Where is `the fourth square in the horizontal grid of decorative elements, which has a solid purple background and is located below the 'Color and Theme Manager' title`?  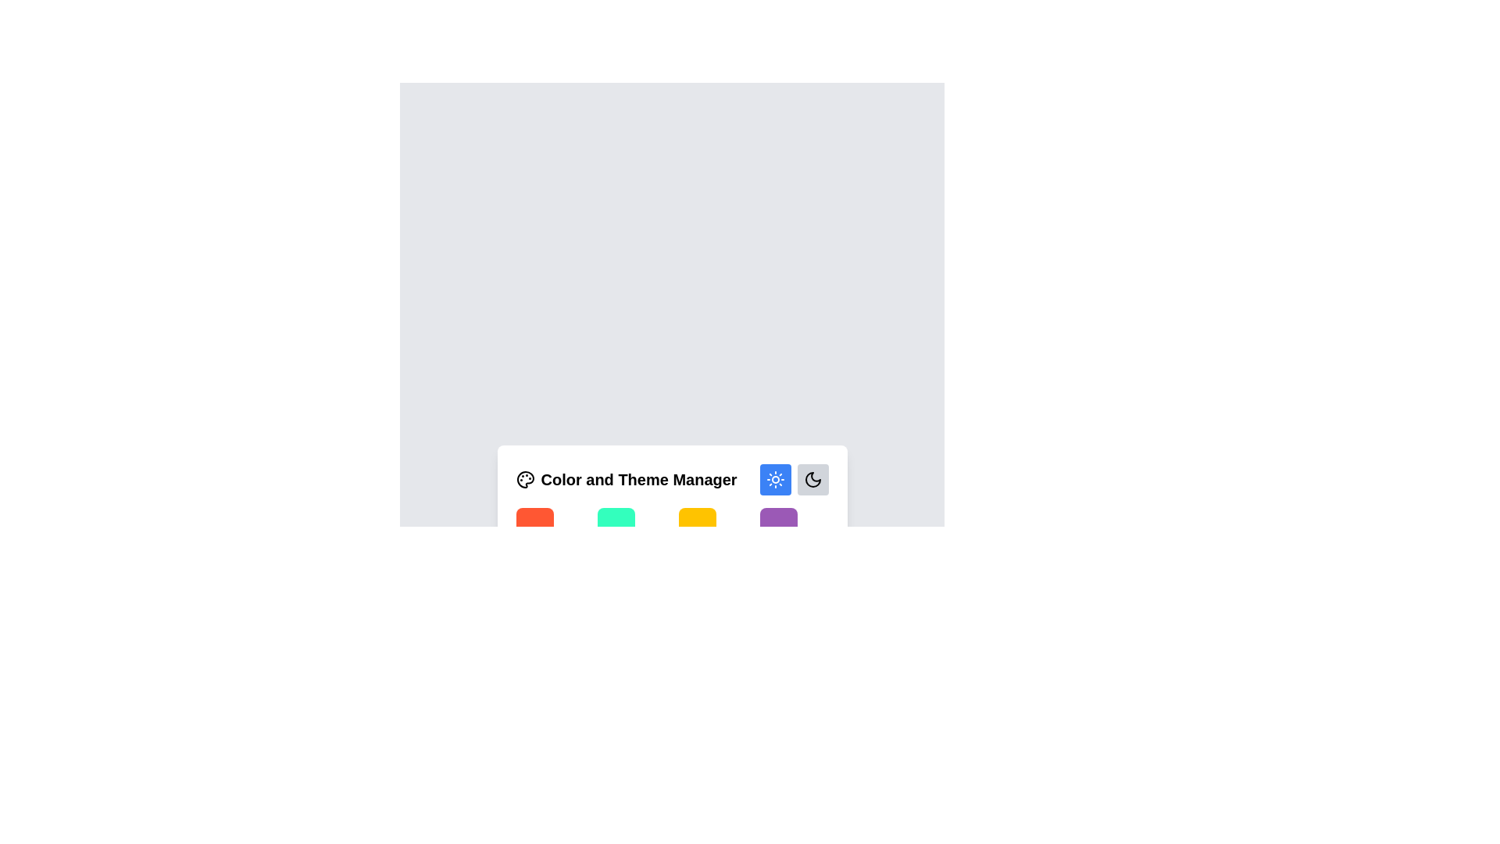 the fourth square in the horizontal grid of decorative elements, which has a solid purple background and is located below the 'Color and Theme Manager' title is located at coordinates (778, 527).